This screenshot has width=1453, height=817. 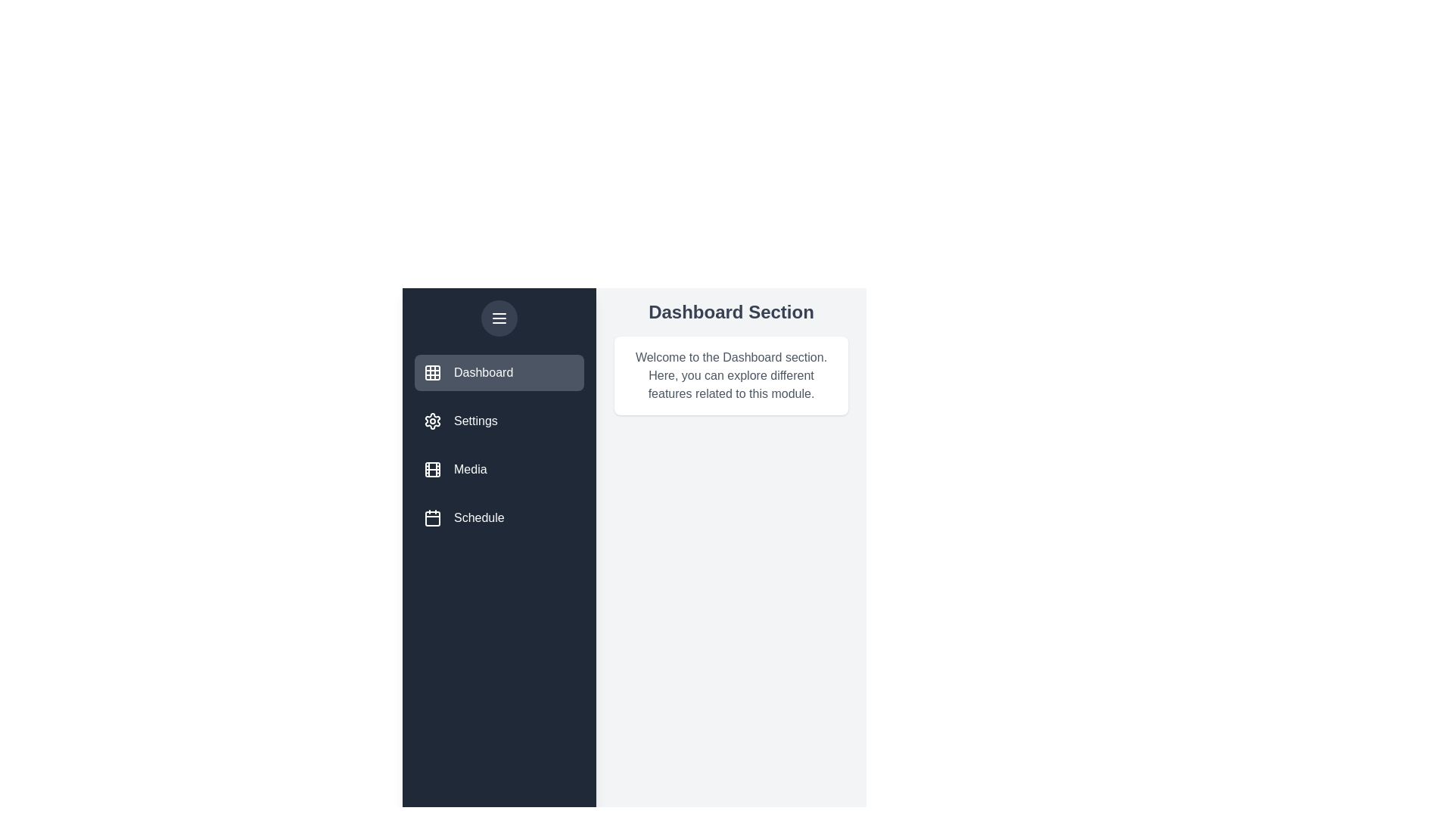 I want to click on the menu item corresponding to the section Schedule to select it, so click(x=499, y=517).